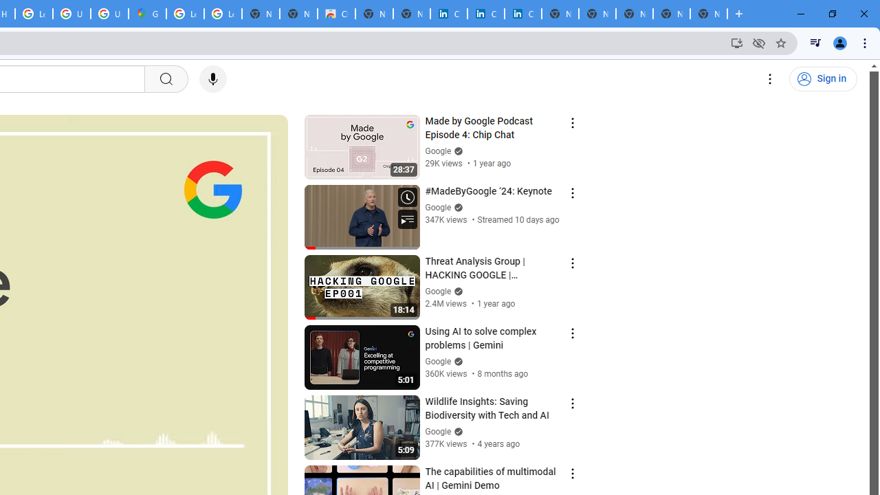  What do you see at coordinates (336, 14) in the screenshot?
I see `'Chrome Web Store'` at bounding box center [336, 14].